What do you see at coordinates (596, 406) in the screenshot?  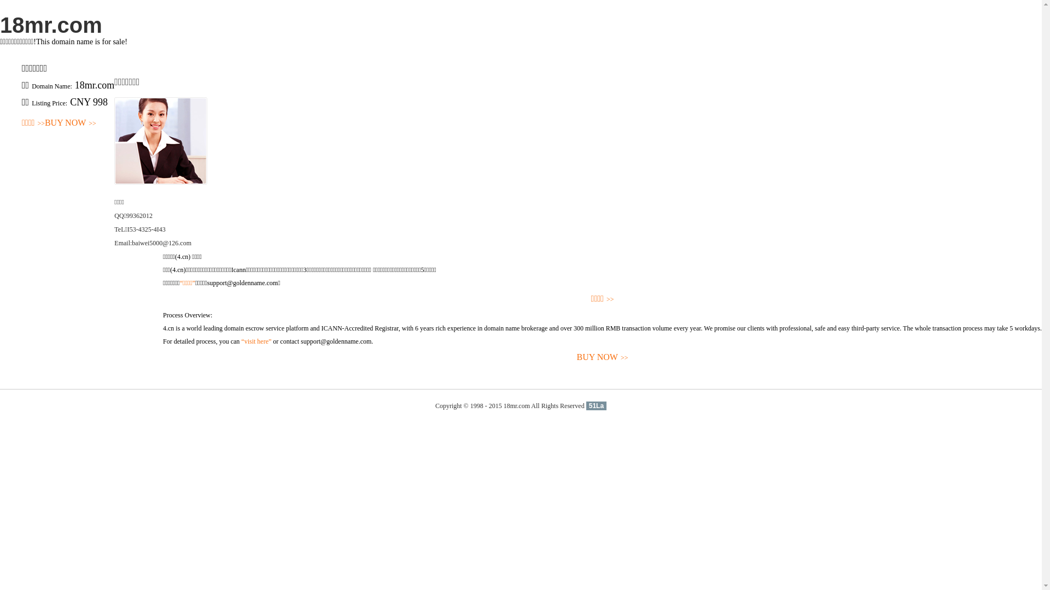 I see `'51La'` at bounding box center [596, 406].